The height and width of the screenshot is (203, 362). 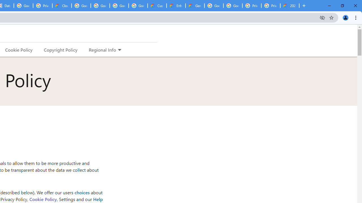 I want to click on 'Third-party cookies blocked', so click(x=322, y=17).